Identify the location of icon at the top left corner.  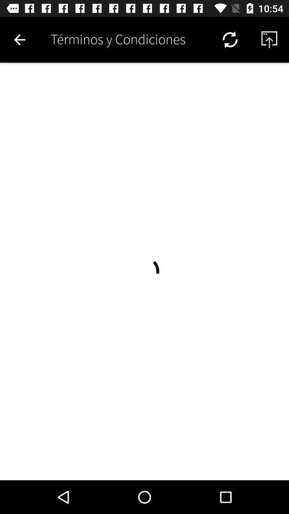
(19, 40).